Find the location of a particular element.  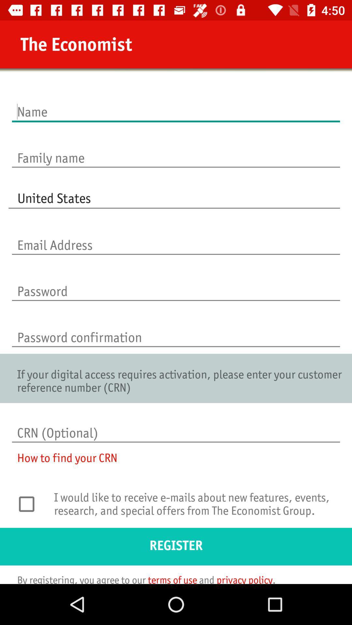

type in your email address is located at coordinates (176, 238).